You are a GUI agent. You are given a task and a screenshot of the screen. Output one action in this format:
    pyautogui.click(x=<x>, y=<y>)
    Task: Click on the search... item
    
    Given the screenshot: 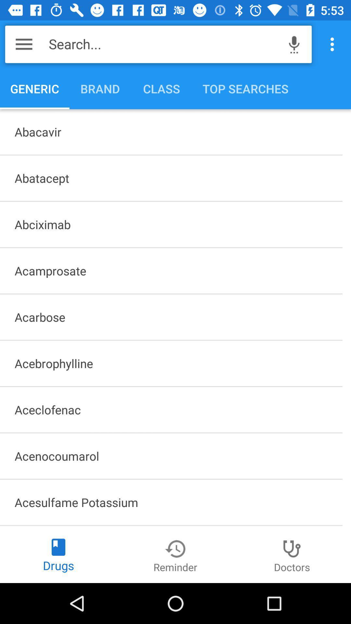 What is the action you would take?
    pyautogui.click(x=164, y=44)
    